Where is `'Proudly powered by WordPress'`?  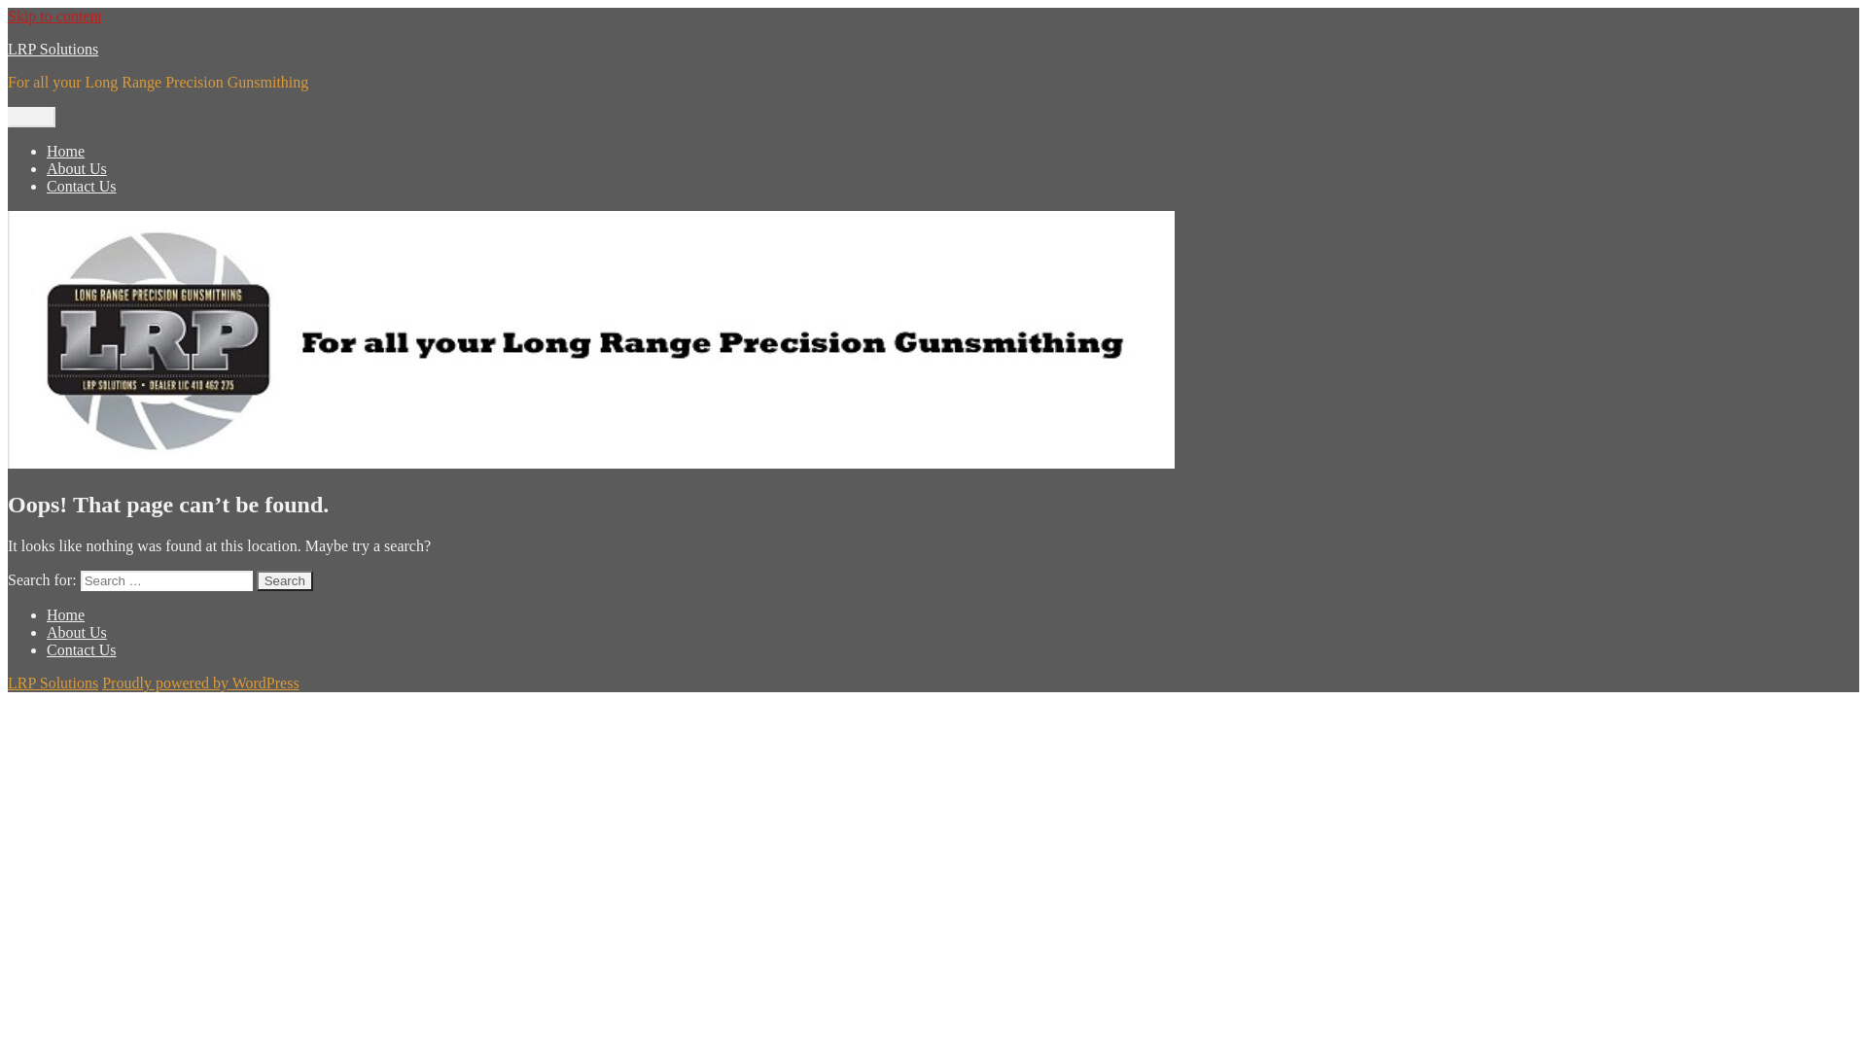 'Proudly powered by WordPress' is located at coordinates (200, 682).